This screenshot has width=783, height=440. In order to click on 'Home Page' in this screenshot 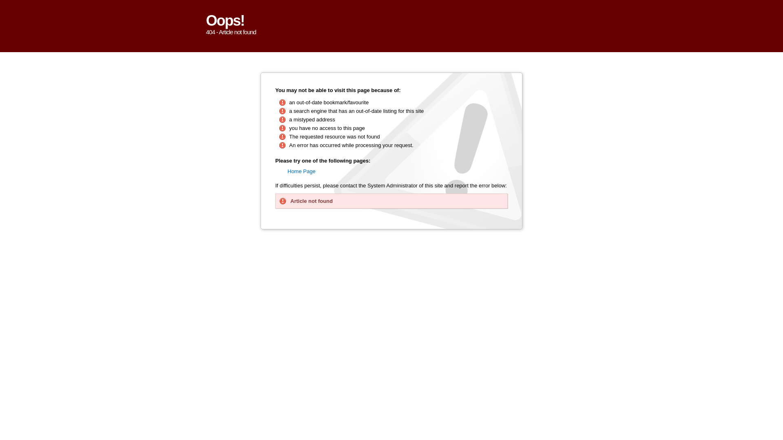, I will do `click(301, 171)`.